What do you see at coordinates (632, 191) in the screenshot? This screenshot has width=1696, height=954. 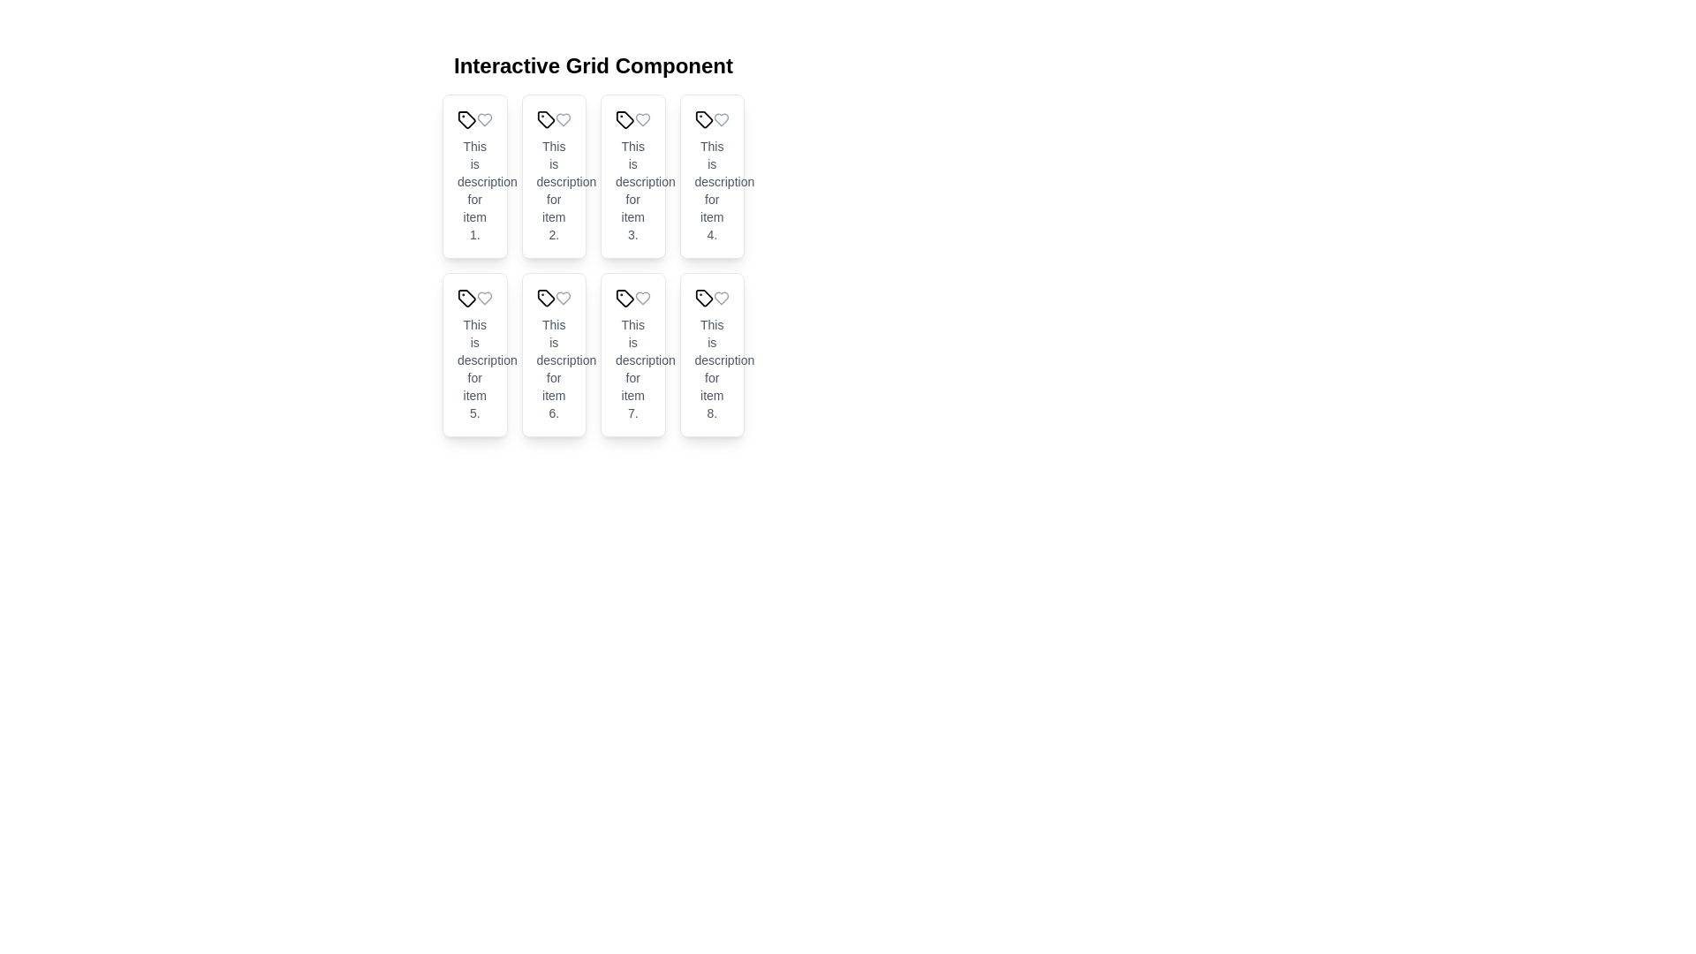 I see `the descriptive text label located in the third tile of a 4x2 grid layout, positioned at the bottom section of the tile` at bounding box center [632, 191].